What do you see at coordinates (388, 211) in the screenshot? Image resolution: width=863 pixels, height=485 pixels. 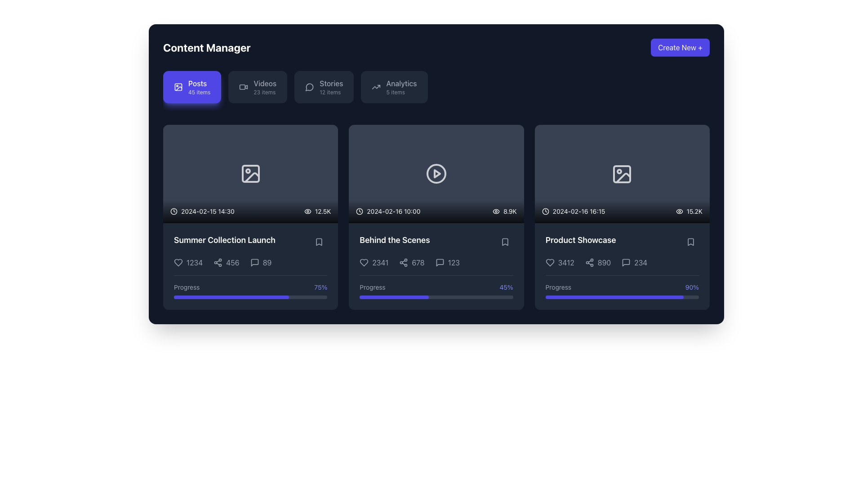 I see `the static text displaying the scheduled date and time for the content in the second card from the left` at bounding box center [388, 211].